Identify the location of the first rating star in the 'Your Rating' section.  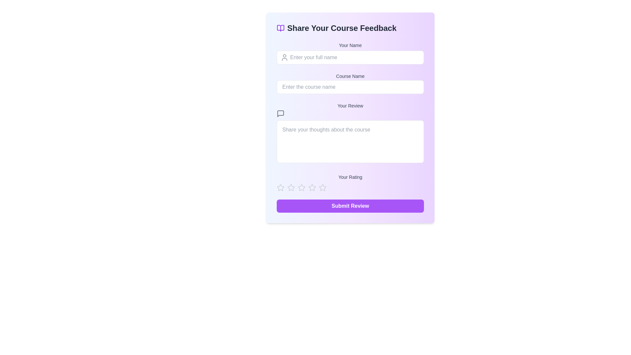
(281, 187).